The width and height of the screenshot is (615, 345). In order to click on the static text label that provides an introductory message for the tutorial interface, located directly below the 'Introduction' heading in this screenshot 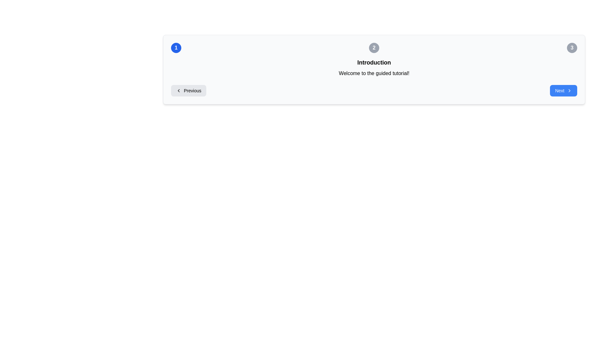, I will do `click(374, 73)`.